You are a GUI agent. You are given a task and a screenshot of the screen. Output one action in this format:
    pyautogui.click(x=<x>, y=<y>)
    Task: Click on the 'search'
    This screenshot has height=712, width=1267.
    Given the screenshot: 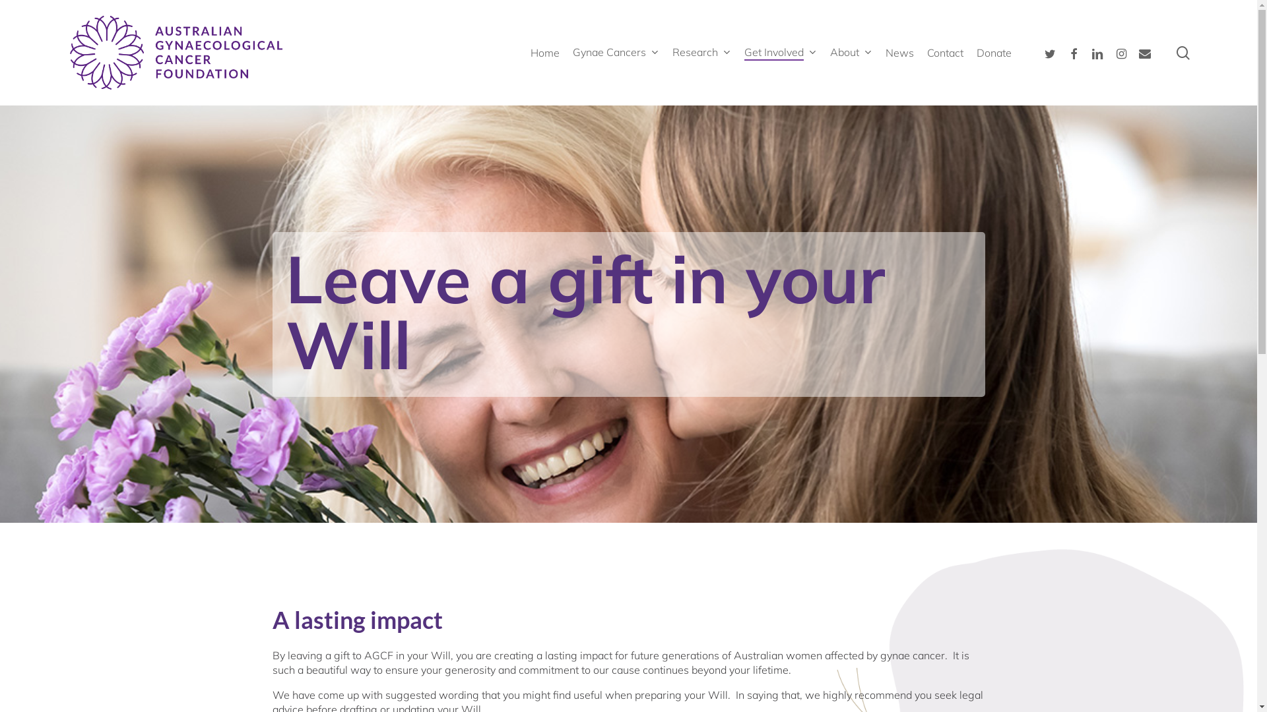 What is the action you would take?
    pyautogui.click(x=1183, y=52)
    